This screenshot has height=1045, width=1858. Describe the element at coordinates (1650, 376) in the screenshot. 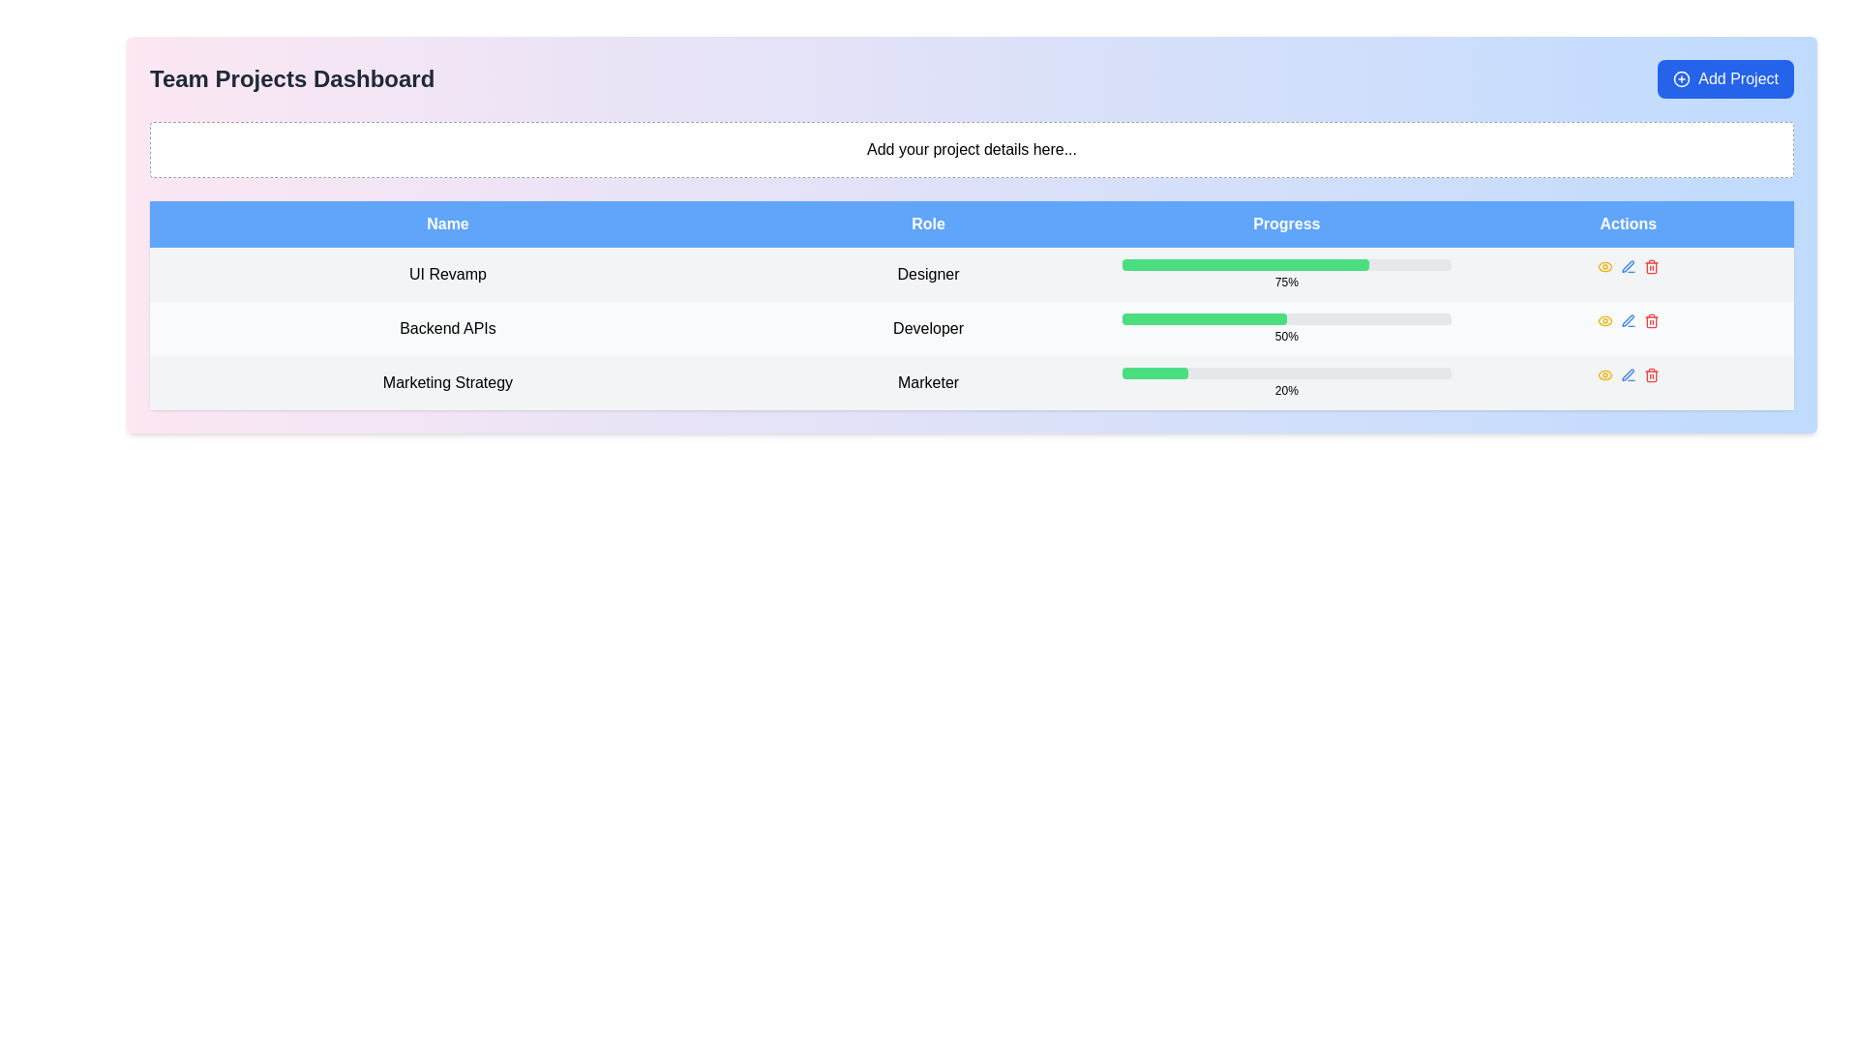

I see `the red trashcan icon button in the 'Actions' column of the table` at that location.